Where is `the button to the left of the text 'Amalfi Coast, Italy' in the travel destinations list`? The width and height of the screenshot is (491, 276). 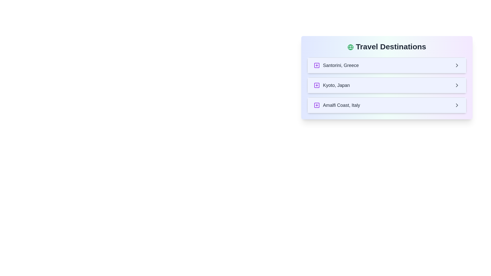
the button to the left of the text 'Amalfi Coast, Italy' in the travel destinations list is located at coordinates (316, 105).